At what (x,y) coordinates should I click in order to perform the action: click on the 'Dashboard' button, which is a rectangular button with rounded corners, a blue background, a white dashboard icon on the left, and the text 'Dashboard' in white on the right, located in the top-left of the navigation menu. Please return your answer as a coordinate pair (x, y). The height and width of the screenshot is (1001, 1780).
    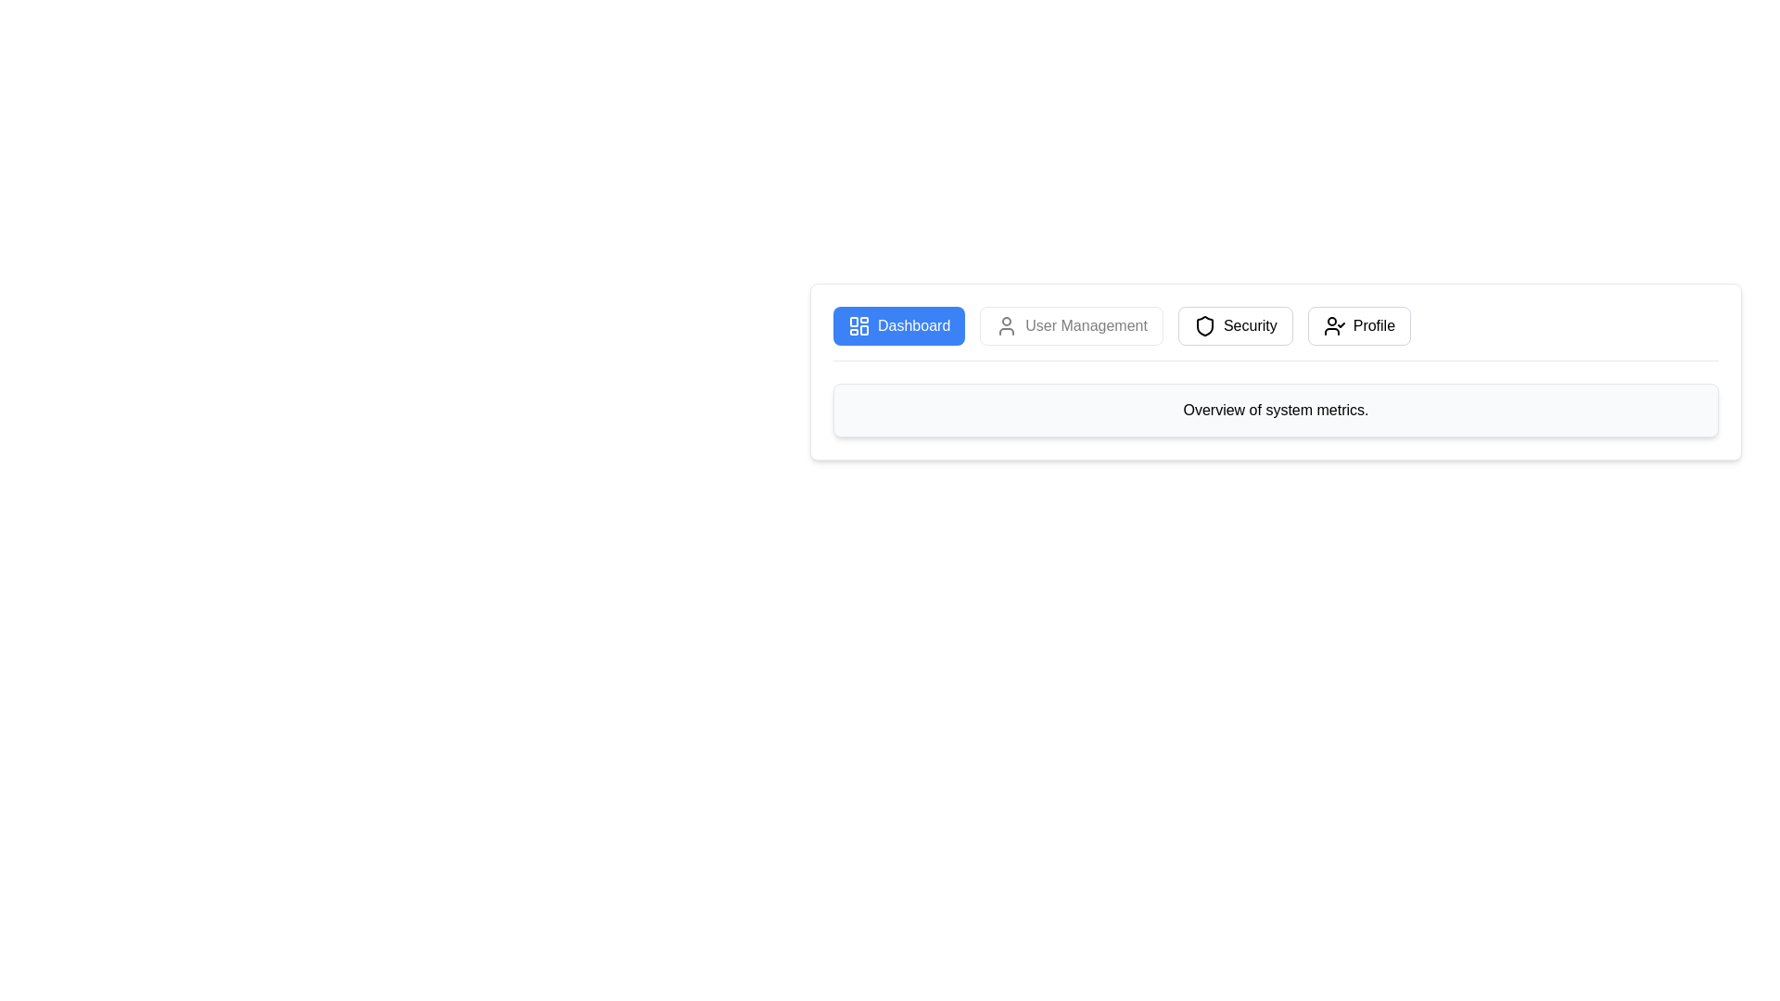
    Looking at the image, I should click on (899, 324).